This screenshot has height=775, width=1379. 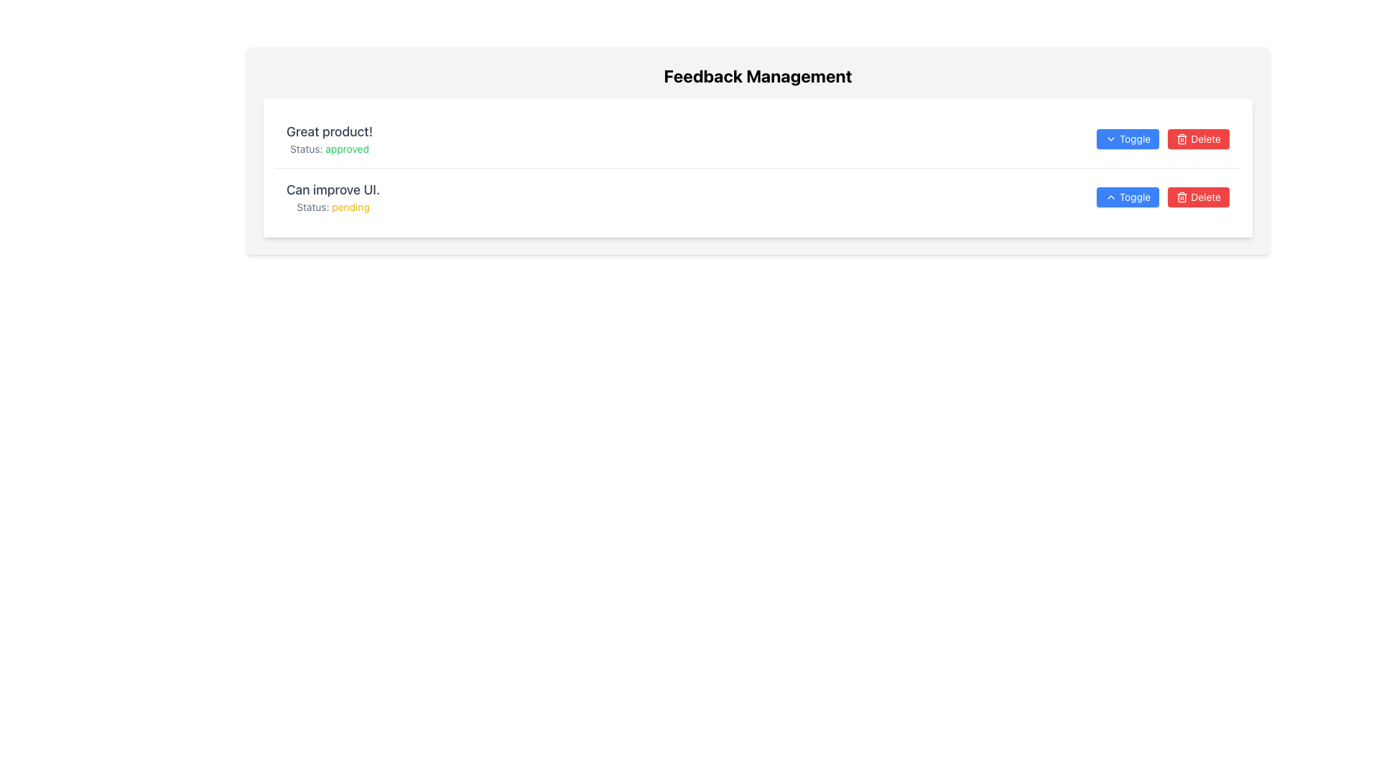 What do you see at coordinates (1182, 197) in the screenshot?
I see `the red trash bin icon located to the left of the 'Delete' button in the feedback entry row` at bounding box center [1182, 197].